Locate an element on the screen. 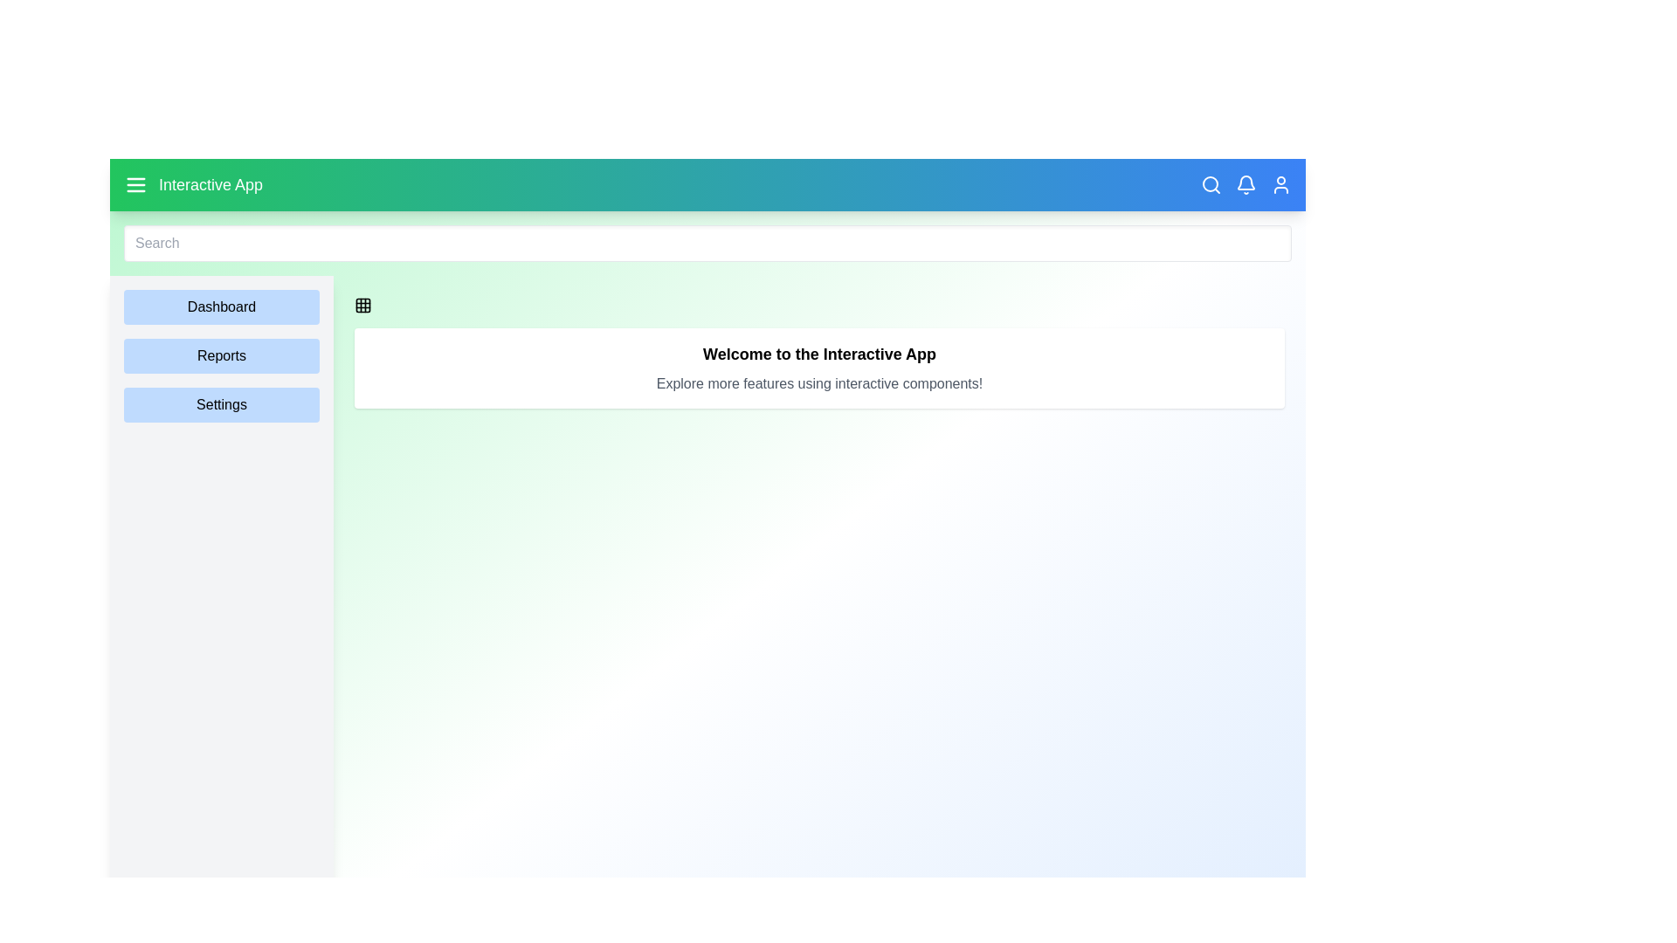 This screenshot has width=1677, height=943. the menu icon in the app bar to toggle the sidebar visibility is located at coordinates (135, 185).